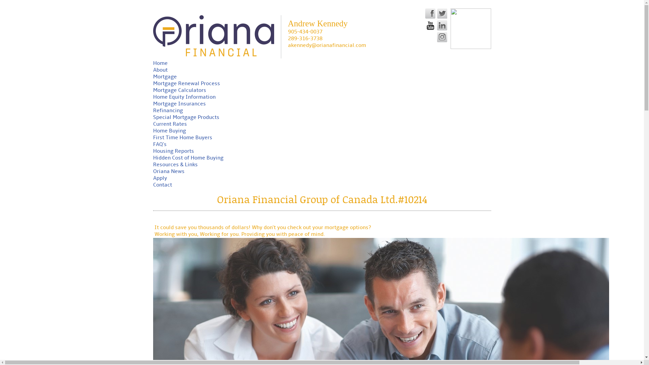 Image resolution: width=649 pixels, height=365 pixels. What do you see at coordinates (182, 138) in the screenshot?
I see `'First Time Home Buyers'` at bounding box center [182, 138].